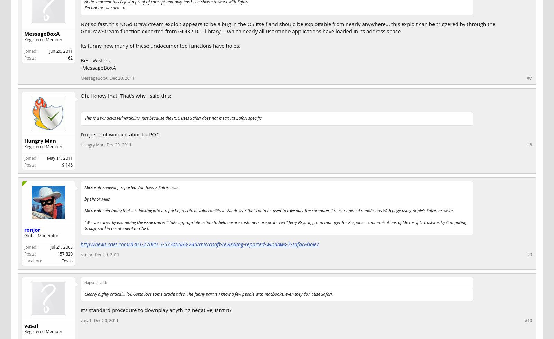  I want to click on 'Oh, I know that. That's why I said this:', so click(126, 95).